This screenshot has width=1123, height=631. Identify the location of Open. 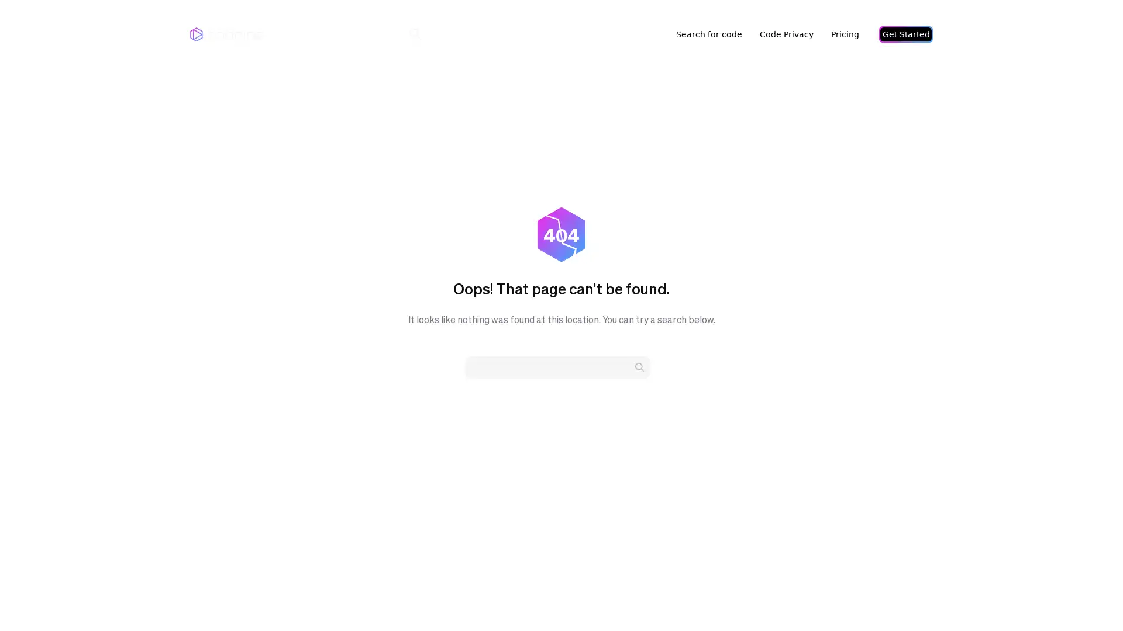
(1088, 599).